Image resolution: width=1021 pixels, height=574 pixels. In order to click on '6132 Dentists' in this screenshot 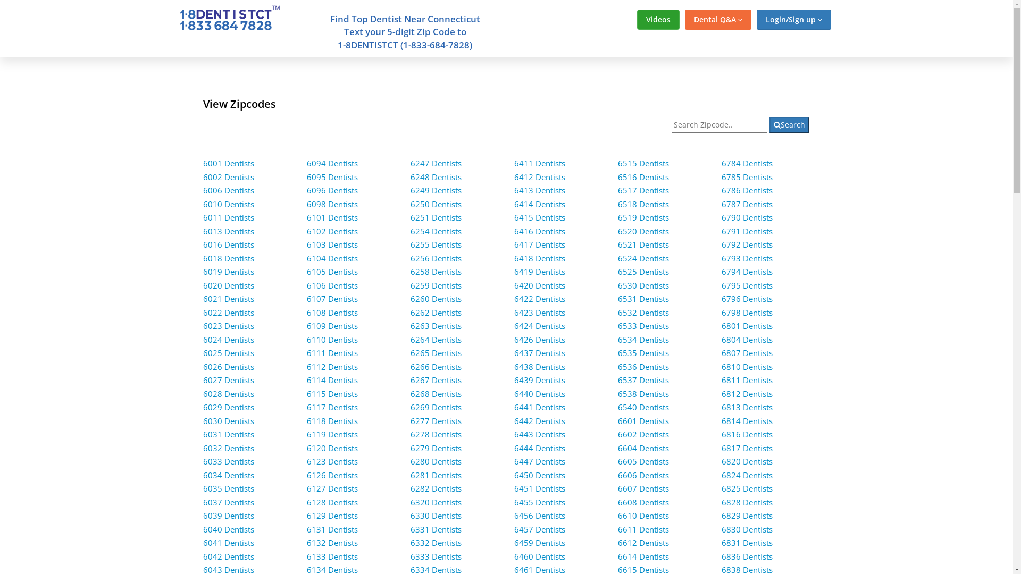, I will do `click(331, 543)`.